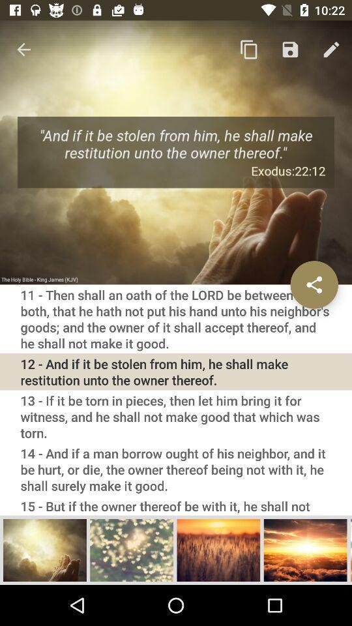 The height and width of the screenshot is (626, 352). What do you see at coordinates (44, 549) in the screenshot?
I see `item at the bottom left corner` at bounding box center [44, 549].